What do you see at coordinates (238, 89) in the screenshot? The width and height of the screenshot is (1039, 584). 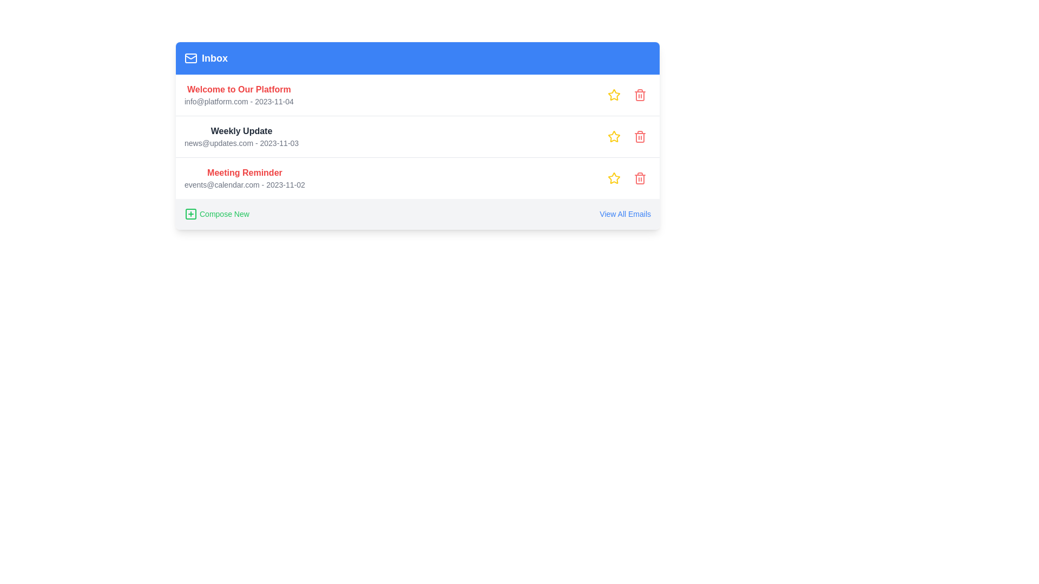 I see `the bold red text label 'Welcome to Our Platform' located at the top of the message list` at bounding box center [238, 89].